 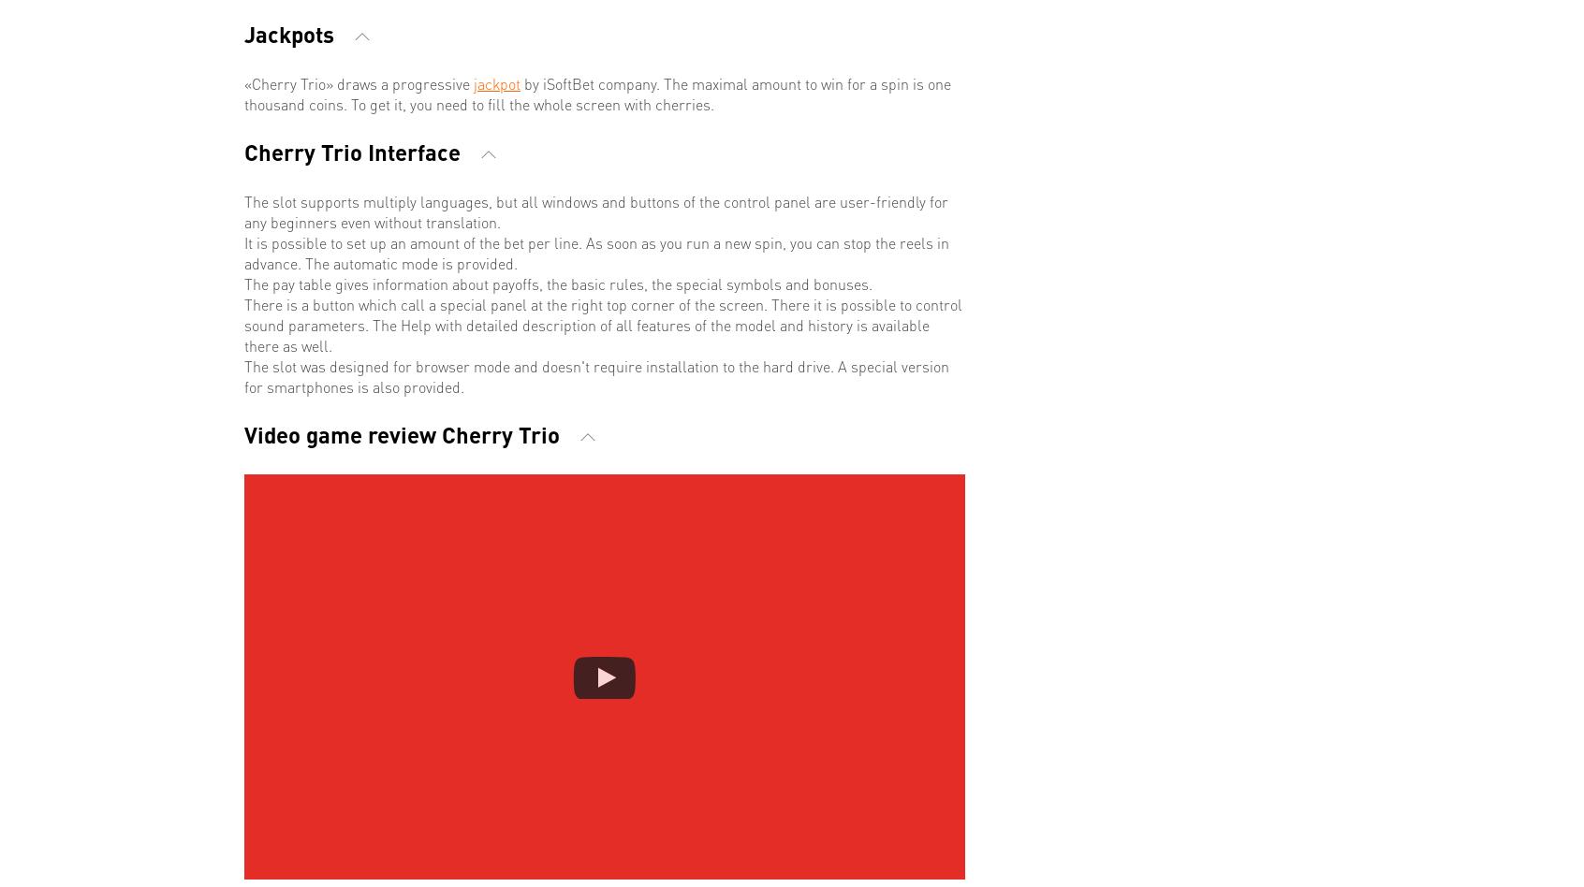 I want to click on 'Jackpots', so click(x=291, y=33).